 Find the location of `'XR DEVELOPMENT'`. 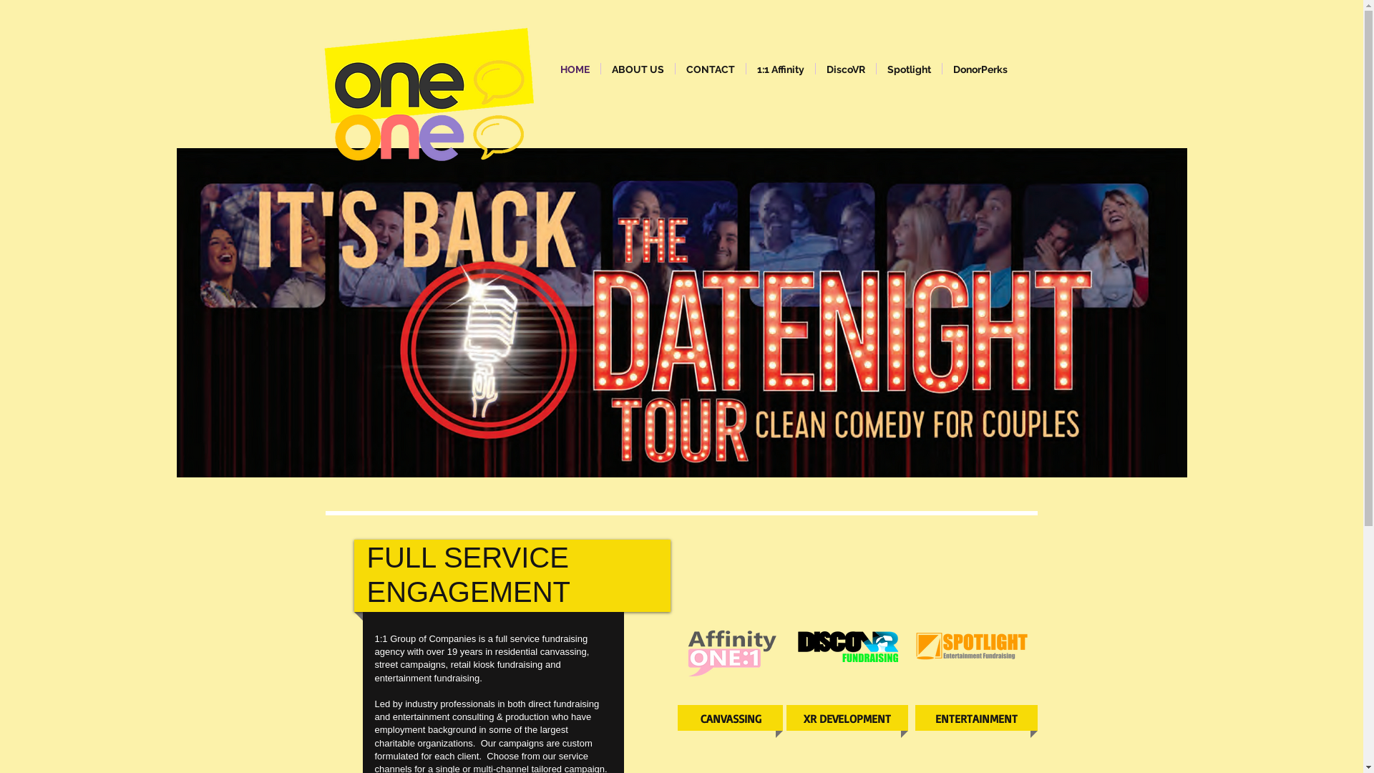

'XR DEVELOPMENT' is located at coordinates (847, 719).